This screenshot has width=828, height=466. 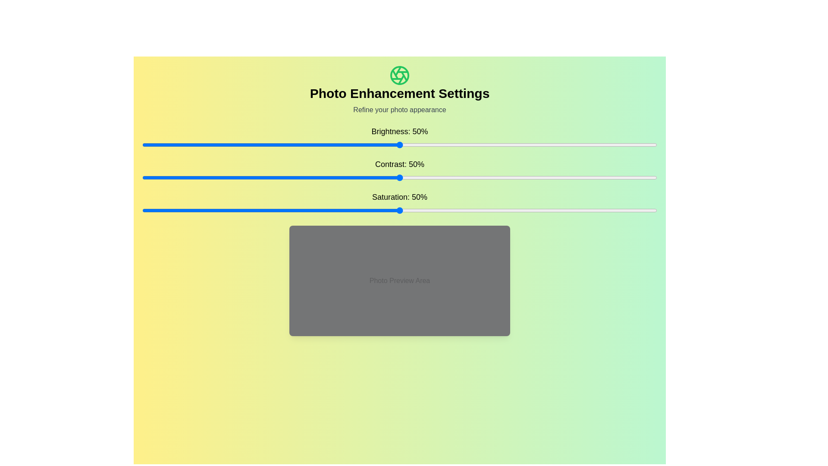 What do you see at coordinates (172, 211) in the screenshot?
I see `the saturation slider to 6%` at bounding box center [172, 211].